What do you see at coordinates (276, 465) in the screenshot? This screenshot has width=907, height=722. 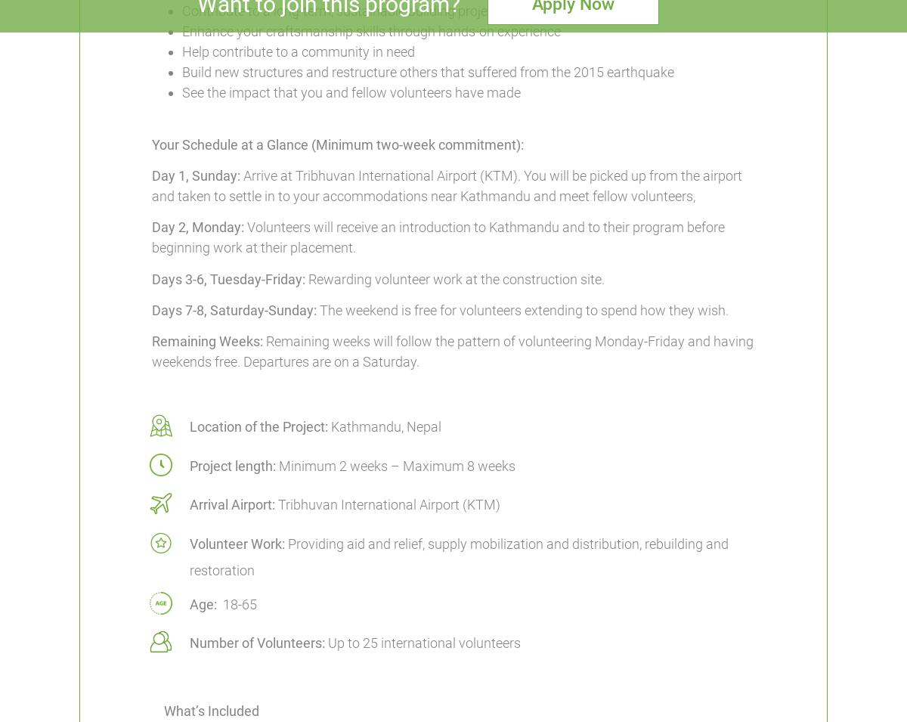 I see `'Minimum 2 weeks – Maximum 8 weeks'` at bounding box center [276, 465].